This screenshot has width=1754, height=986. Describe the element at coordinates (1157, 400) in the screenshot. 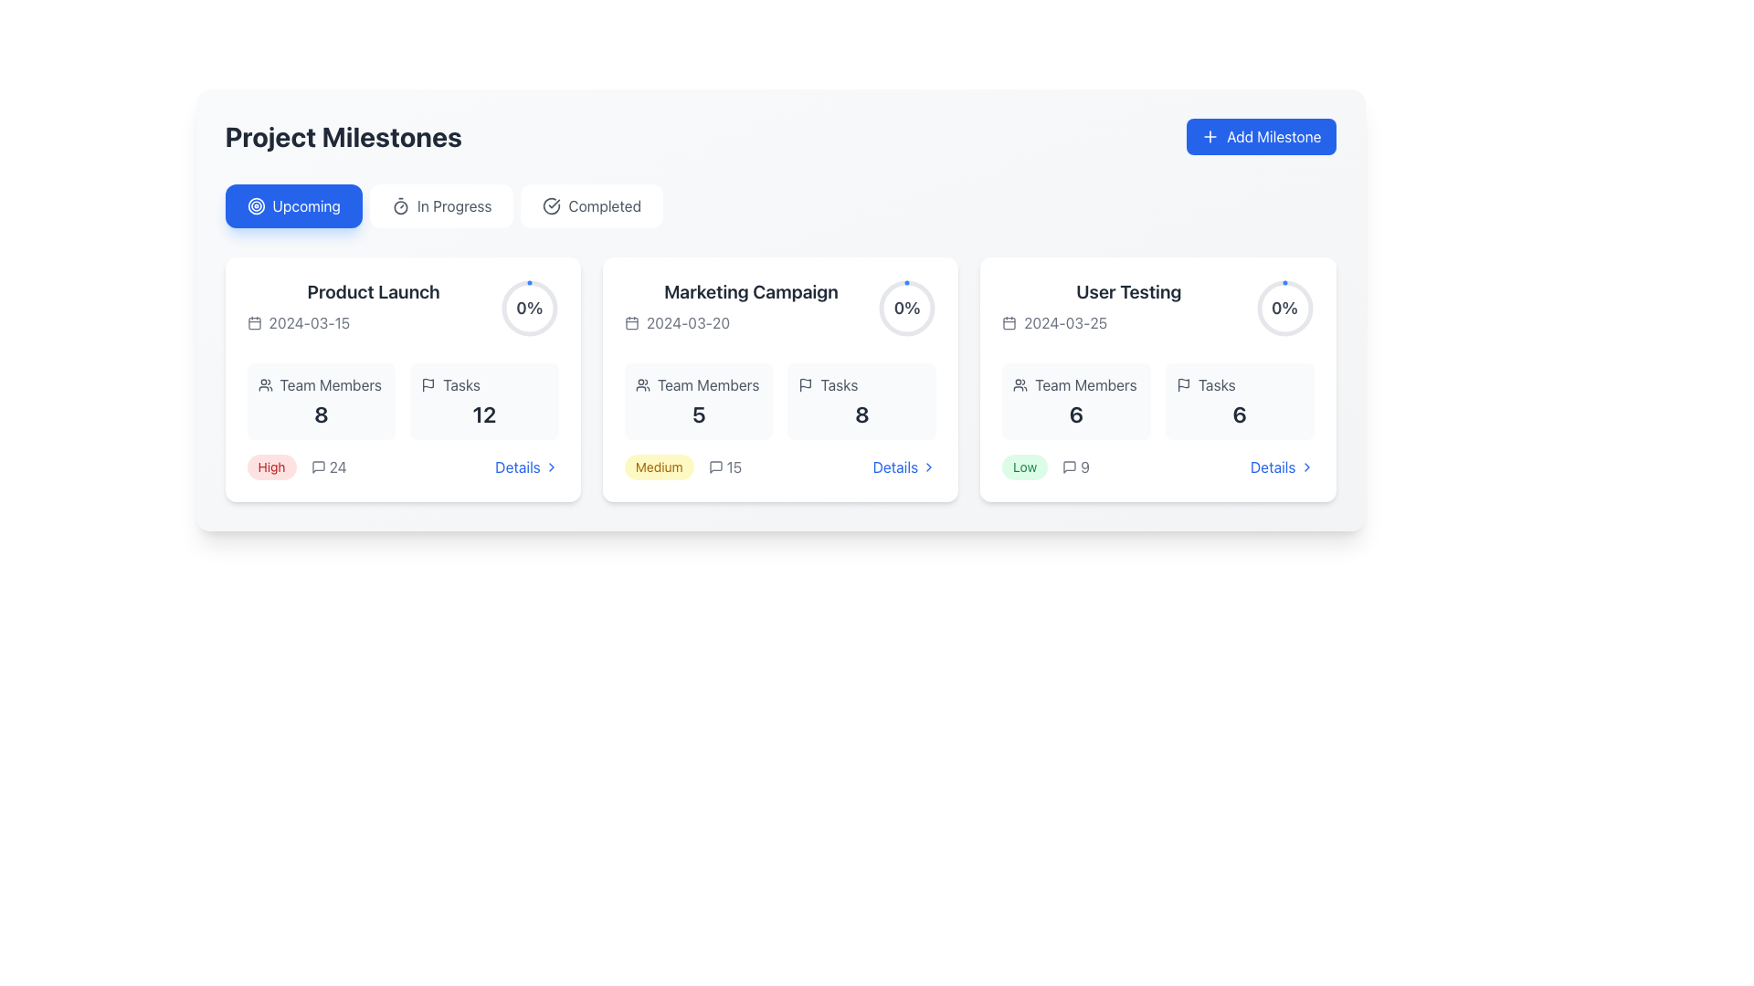

I see `the Information display grid that summarizes team members and tasks for the 'User Testing' milestone, located in the lower portion of the 'User Testing' card, above the 'Low' badge and 'Details' link` at that location.